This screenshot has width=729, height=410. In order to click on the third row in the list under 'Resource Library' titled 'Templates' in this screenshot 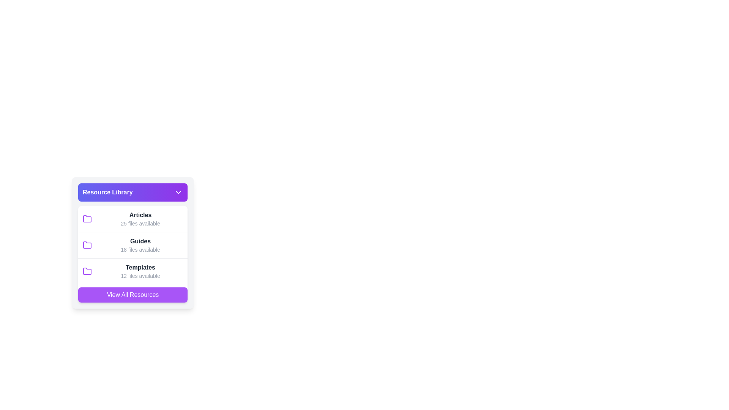, I will do `click(133, 270)`.